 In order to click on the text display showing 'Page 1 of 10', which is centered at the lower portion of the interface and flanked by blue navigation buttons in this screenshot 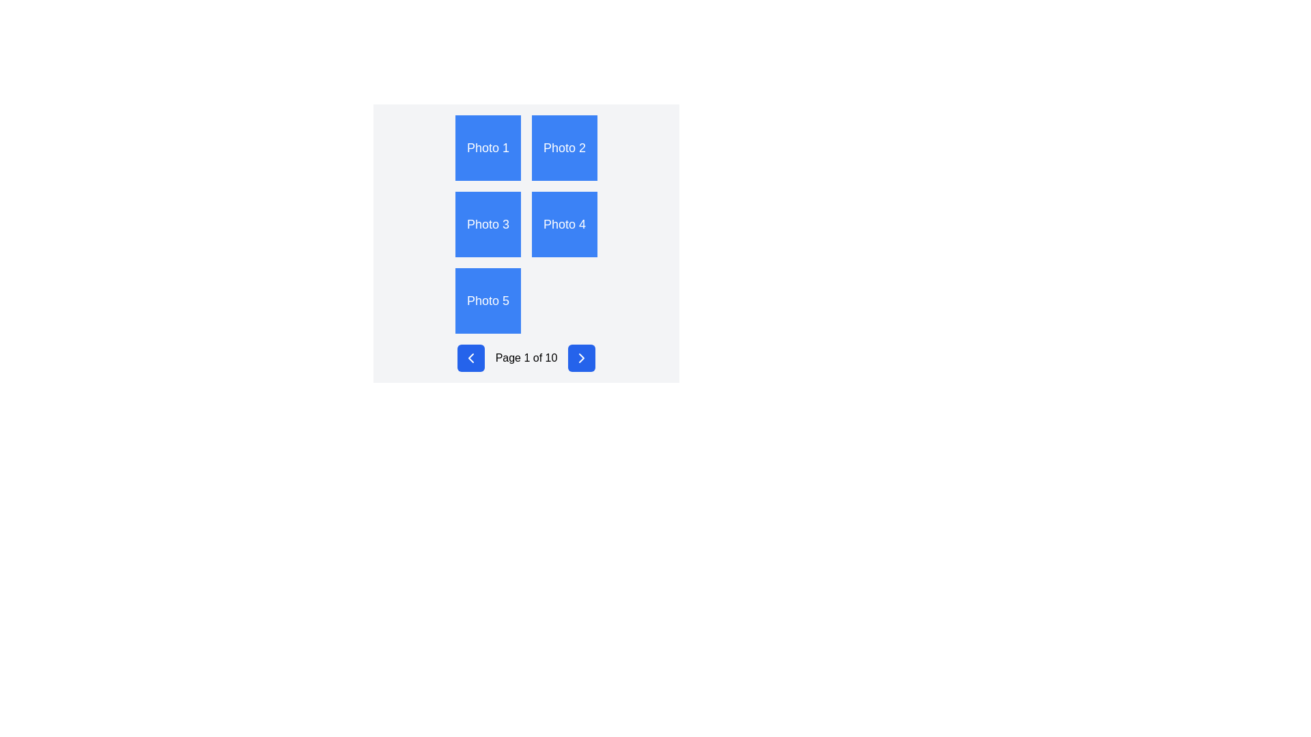, I will do `click(526, 357)`.